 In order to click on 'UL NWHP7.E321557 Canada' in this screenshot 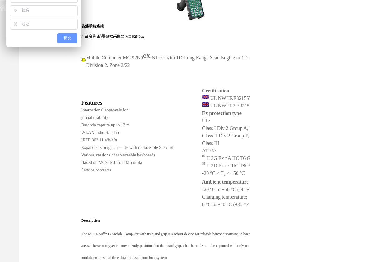, I will do `click(240, 106)`.